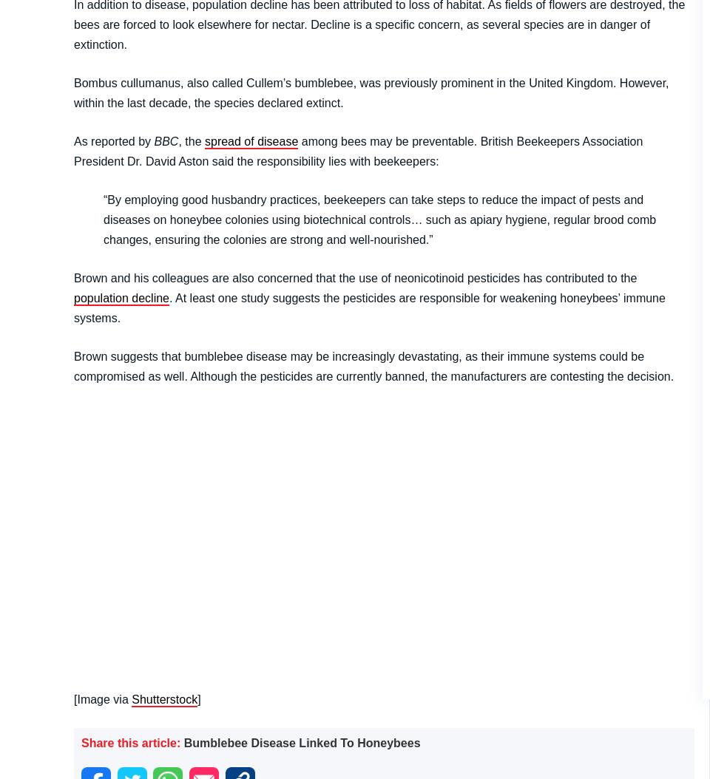 The height and width of the screenshot is (779, 710). What do you see at coordinates (102, 698) in the screenshot?
I see `'[Image via'` at bounding box center [102, 698].